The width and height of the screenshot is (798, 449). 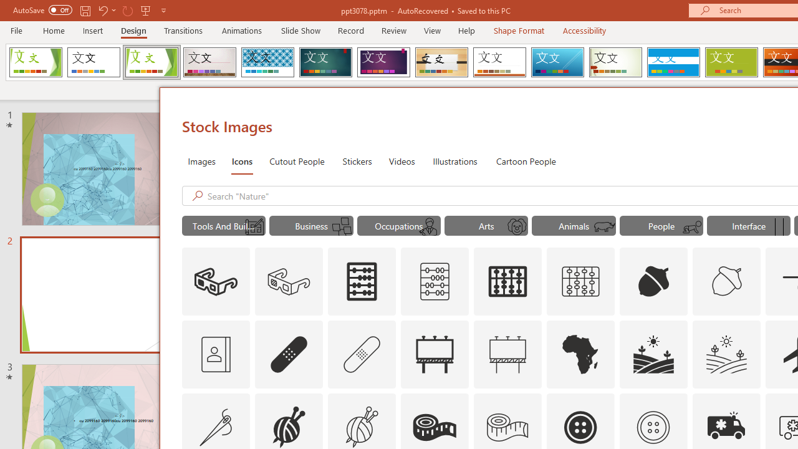 What do you see at coordinates (508, 354) in the screenshot?
I see `'AutomationID: Icons_Advertising_M'` at bounding box center [508, 354].